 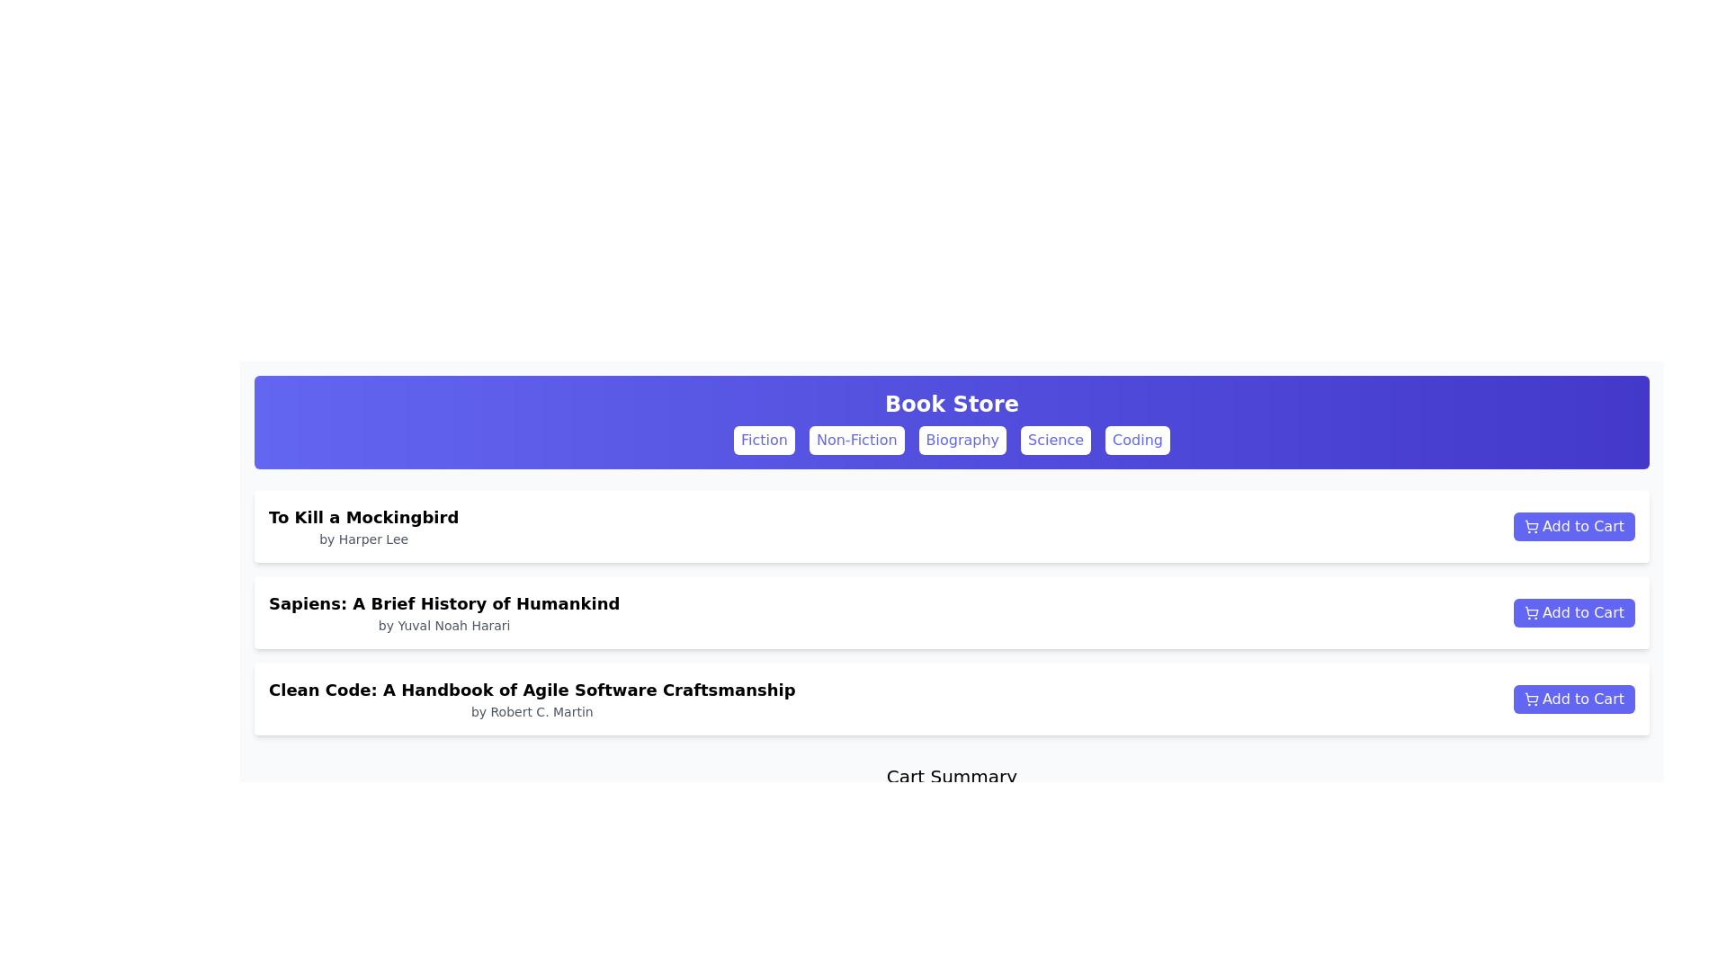 What do you see at coordinates (1056, 440) in the screenshot?
I see `the 'Science' category filter button, which is the fourth button in a horizontal row of five buttons in the header section of the bookstore platform` at bounding box center [1056, 440].